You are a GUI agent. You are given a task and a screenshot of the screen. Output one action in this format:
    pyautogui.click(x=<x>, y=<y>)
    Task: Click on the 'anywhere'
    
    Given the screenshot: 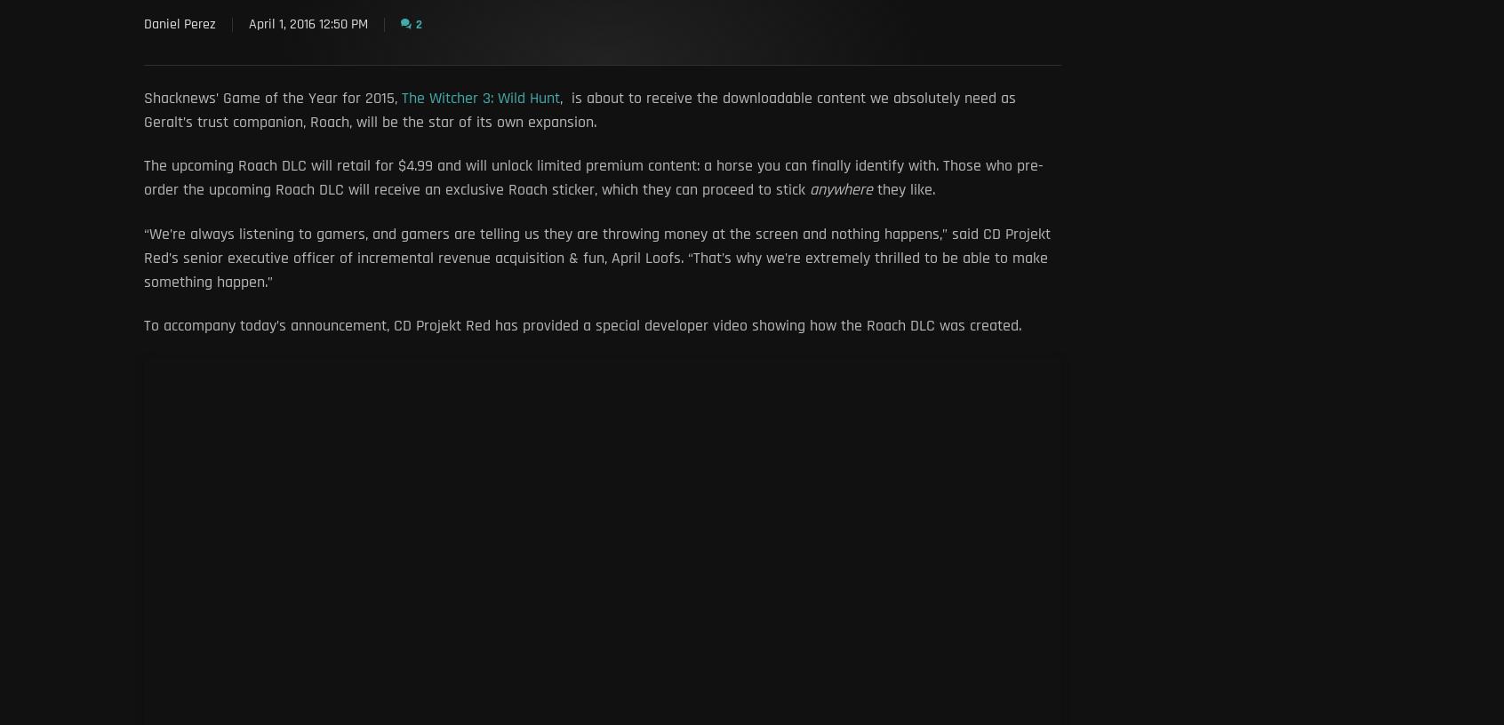 What is the action you would take?
    pyautogui.click(x=844, y=188)
    